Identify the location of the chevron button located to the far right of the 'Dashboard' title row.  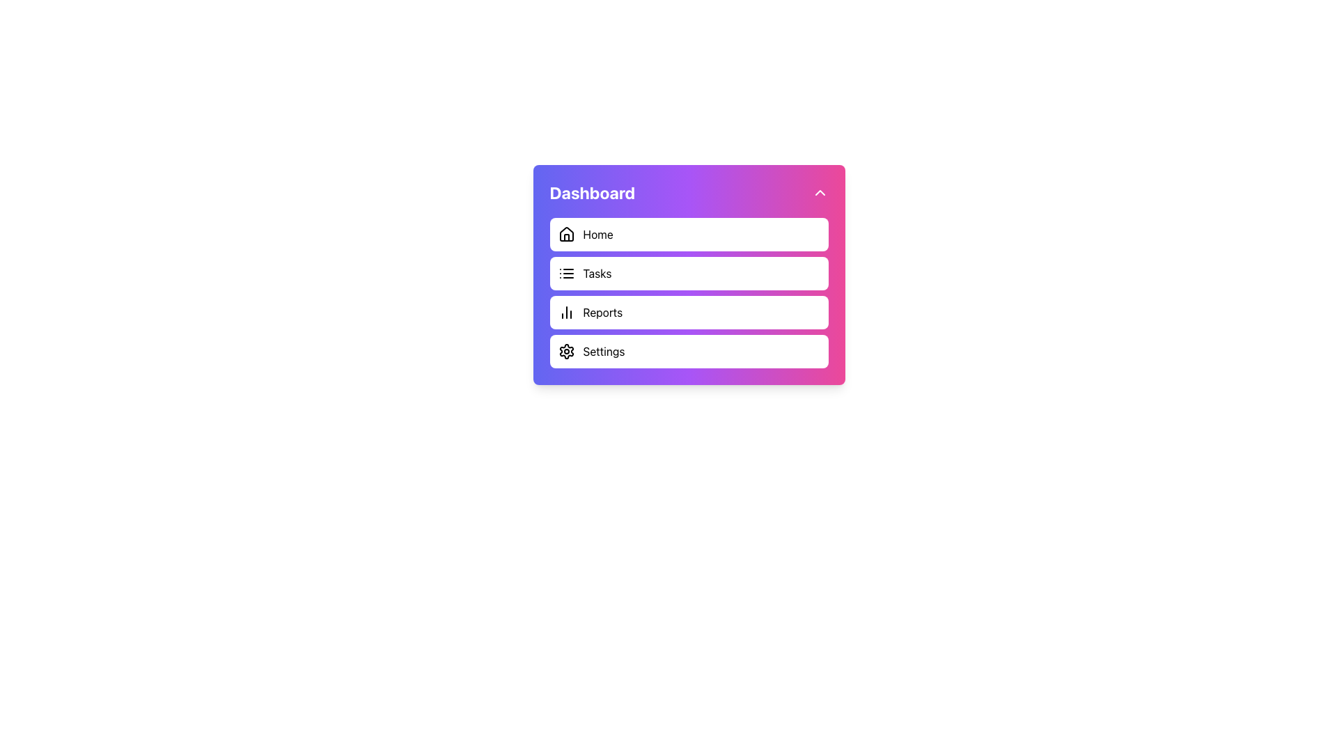
(820, 193).